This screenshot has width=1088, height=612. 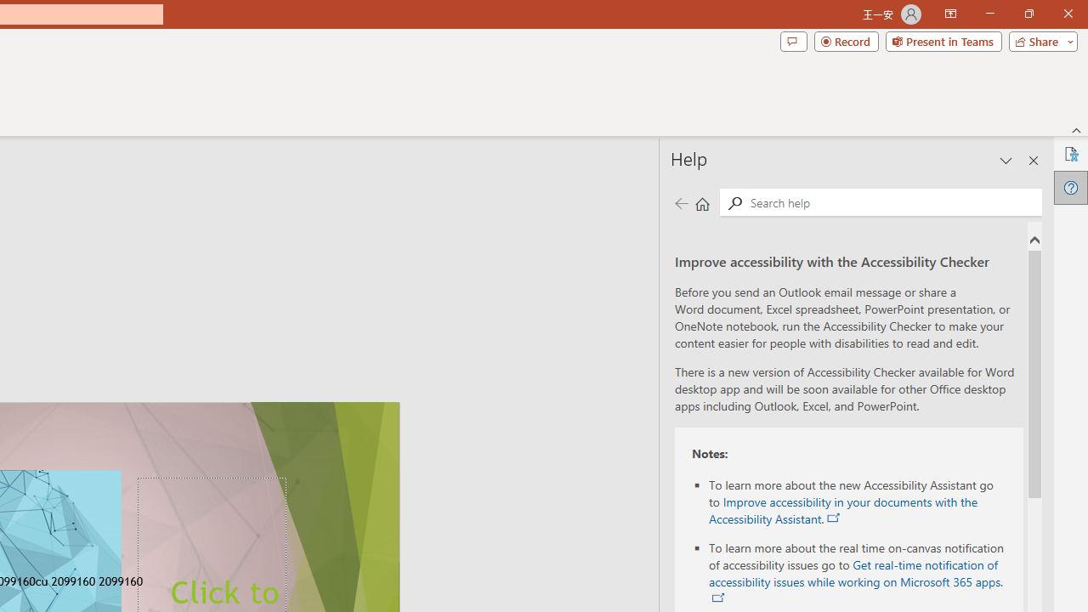 I want to click on 'Previous page', so click(x=681, y=202).